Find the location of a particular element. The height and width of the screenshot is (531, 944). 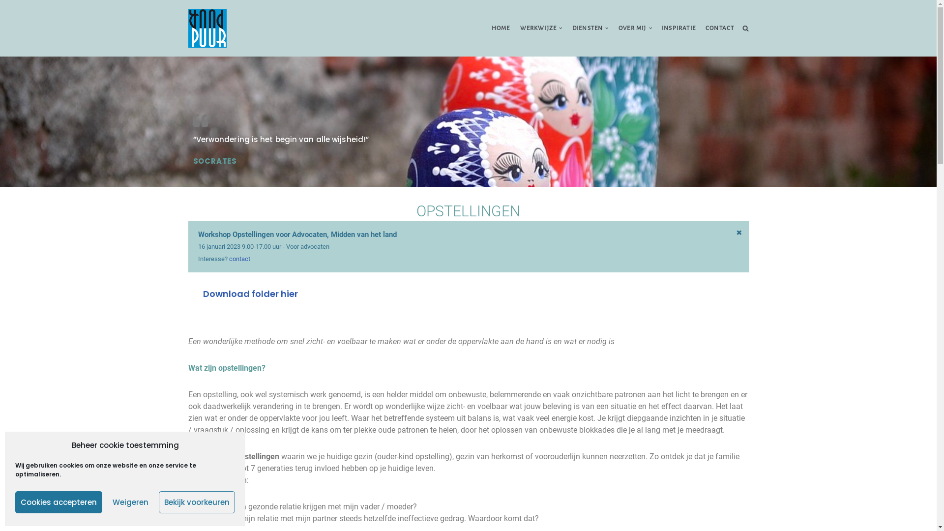

'Cookies accepteren' is located at coordinates (58, 502).